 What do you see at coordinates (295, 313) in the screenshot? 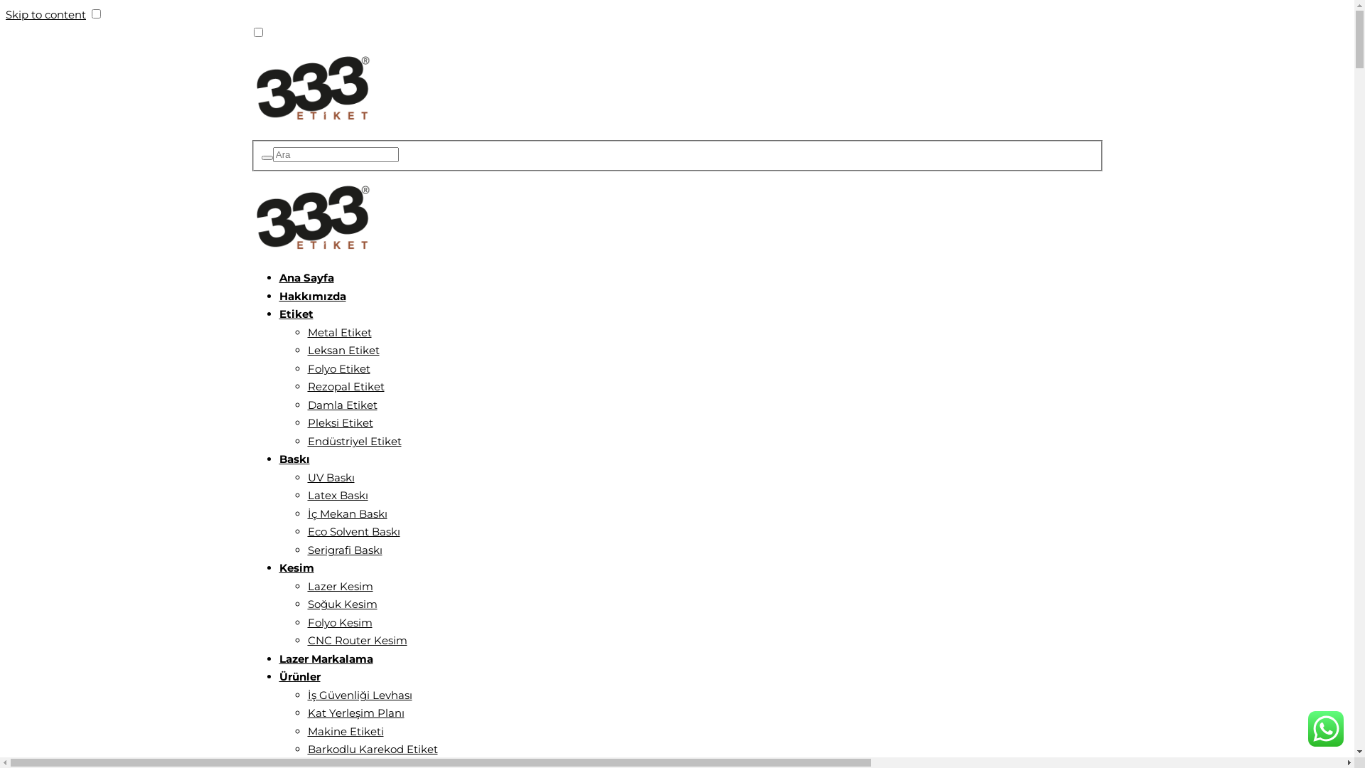
I see `'Etiket'` at bounding box center [295, 313].